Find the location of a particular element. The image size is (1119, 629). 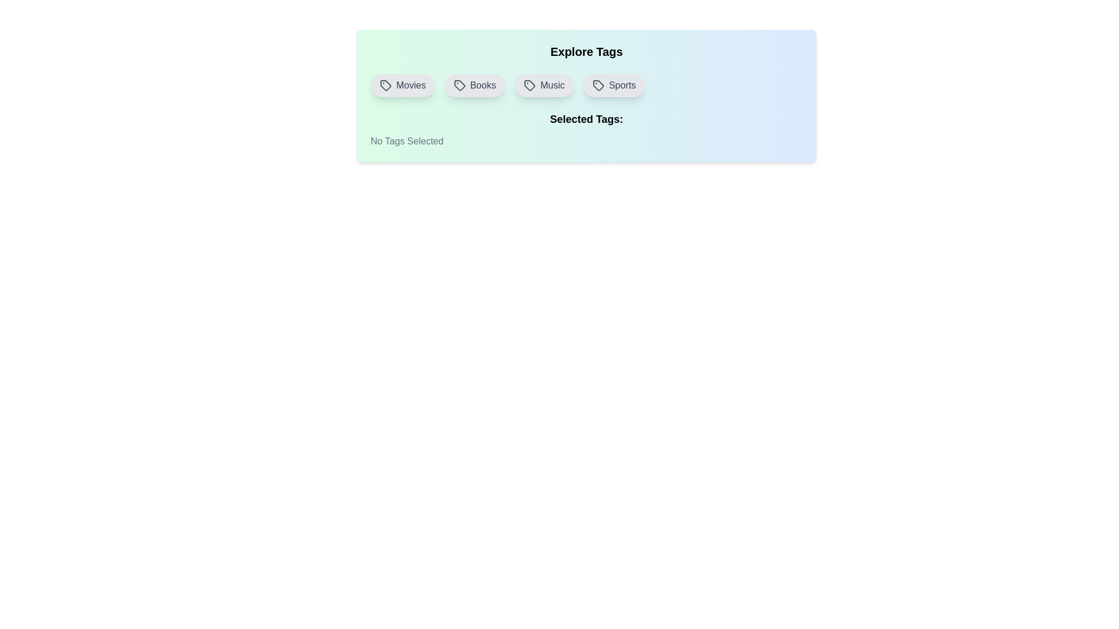

the 'Music' category filter button is located at coordinates (544, 84).